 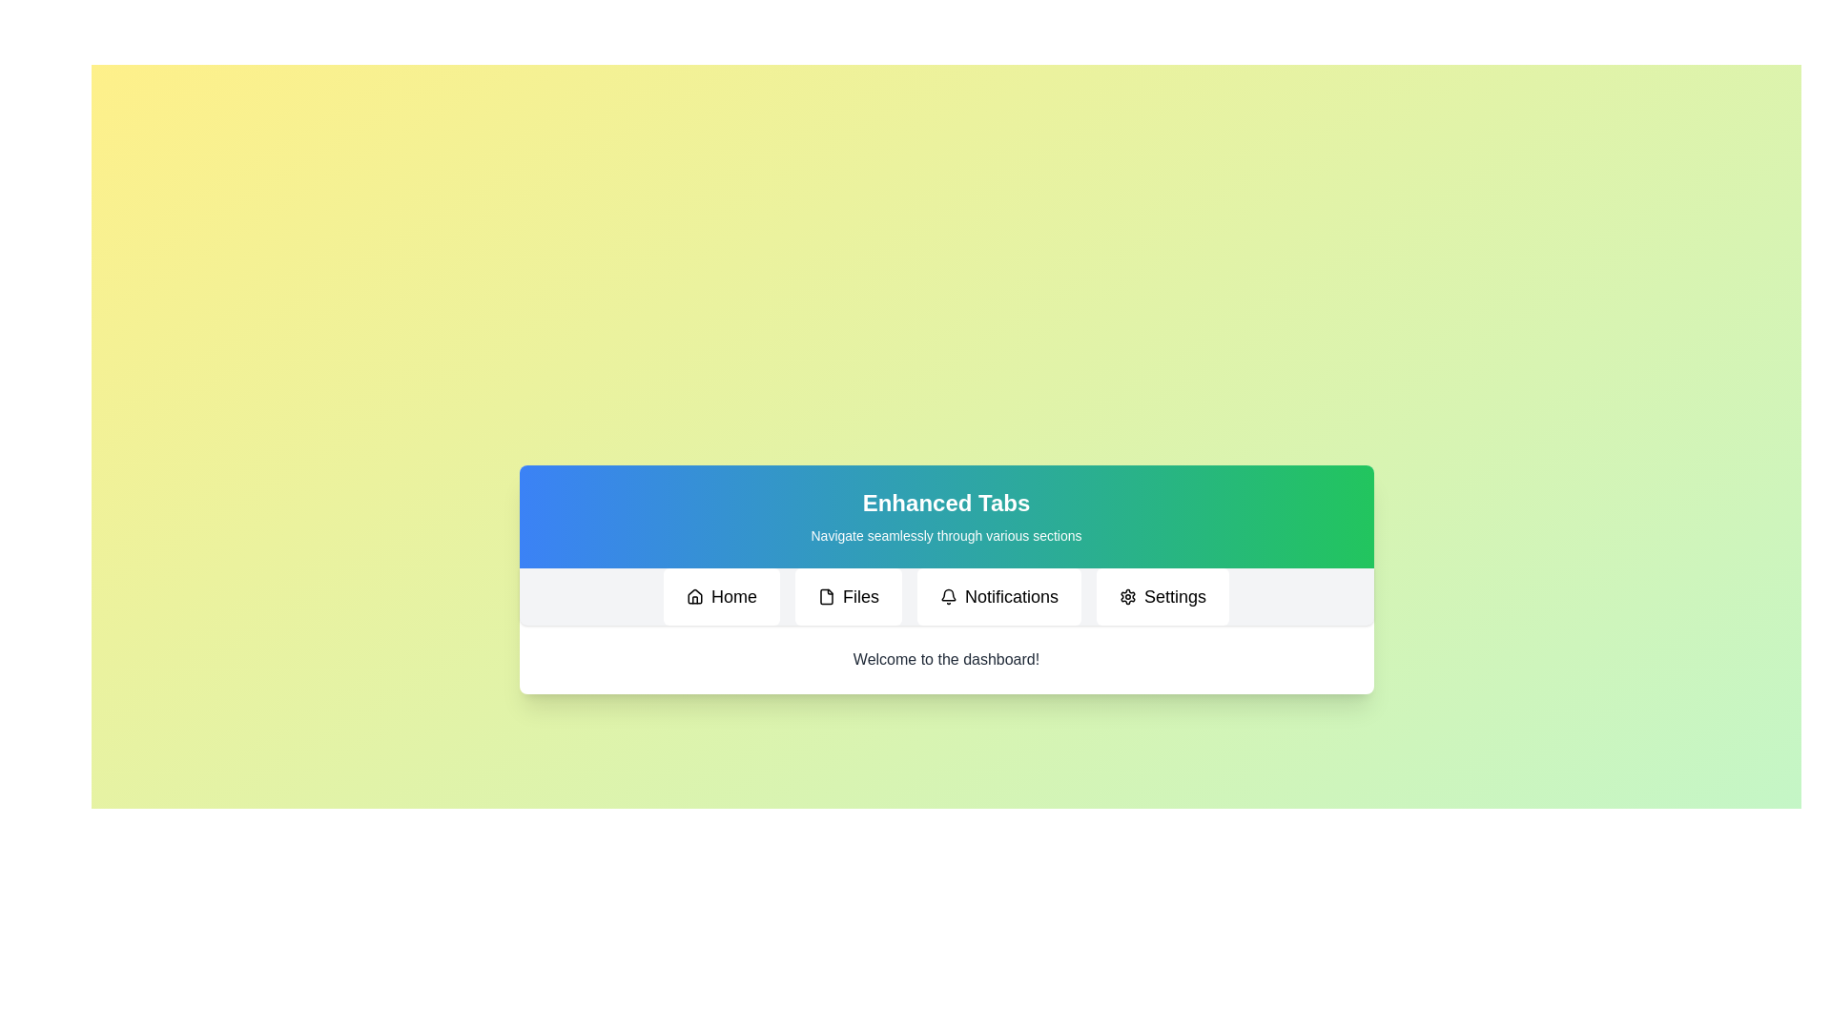 I want to click on the text label reading 'Enhanced Tabs', which is prominently displayed at the top-center of the page with a gradient background, so click(x=946, y=503).